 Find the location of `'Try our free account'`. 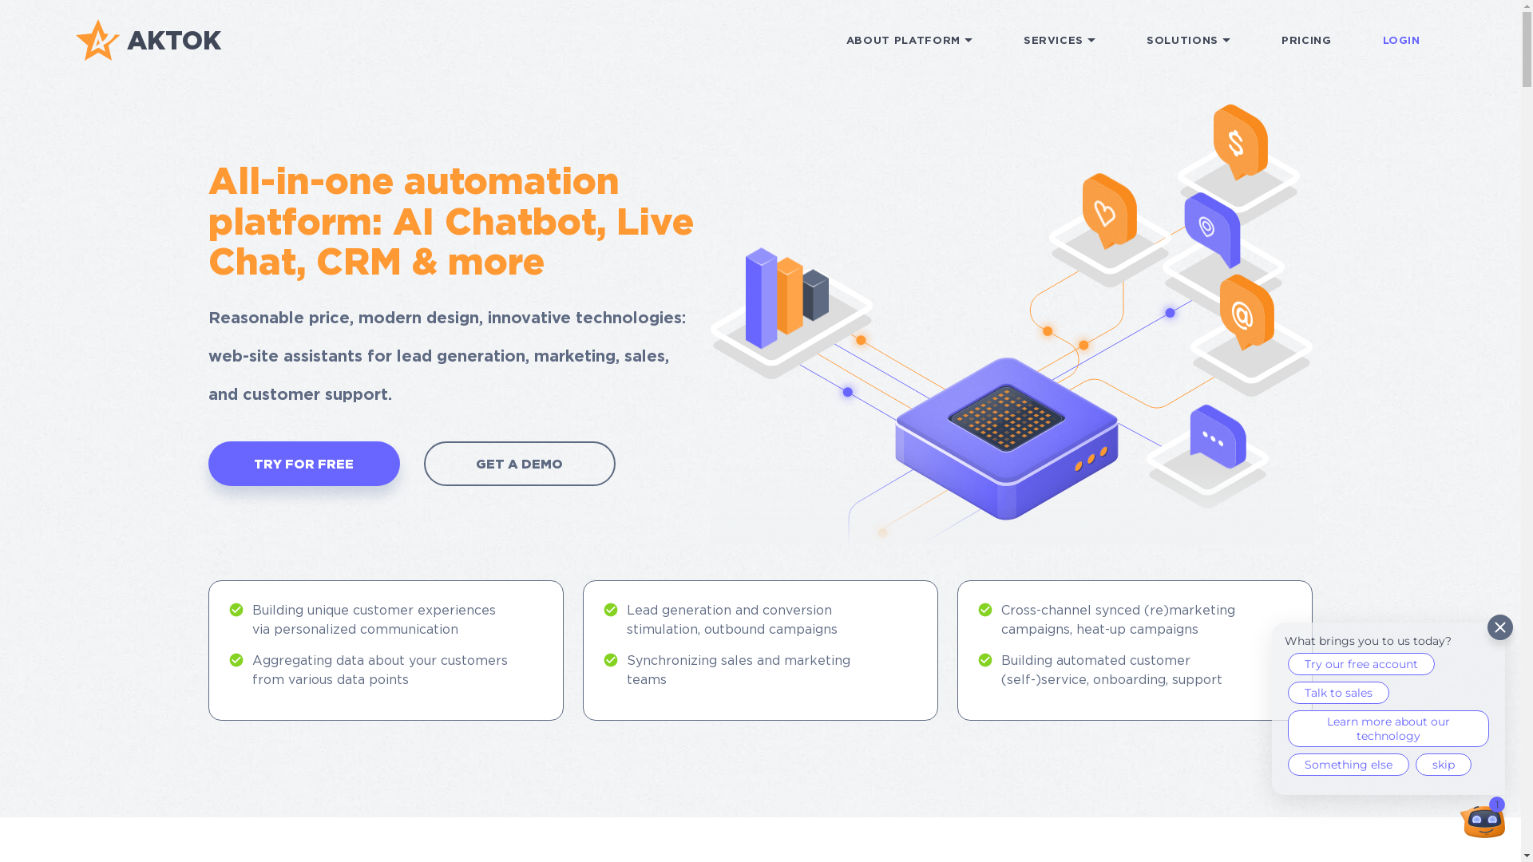

'Try our free account' is located at coordinates (1360, 664).